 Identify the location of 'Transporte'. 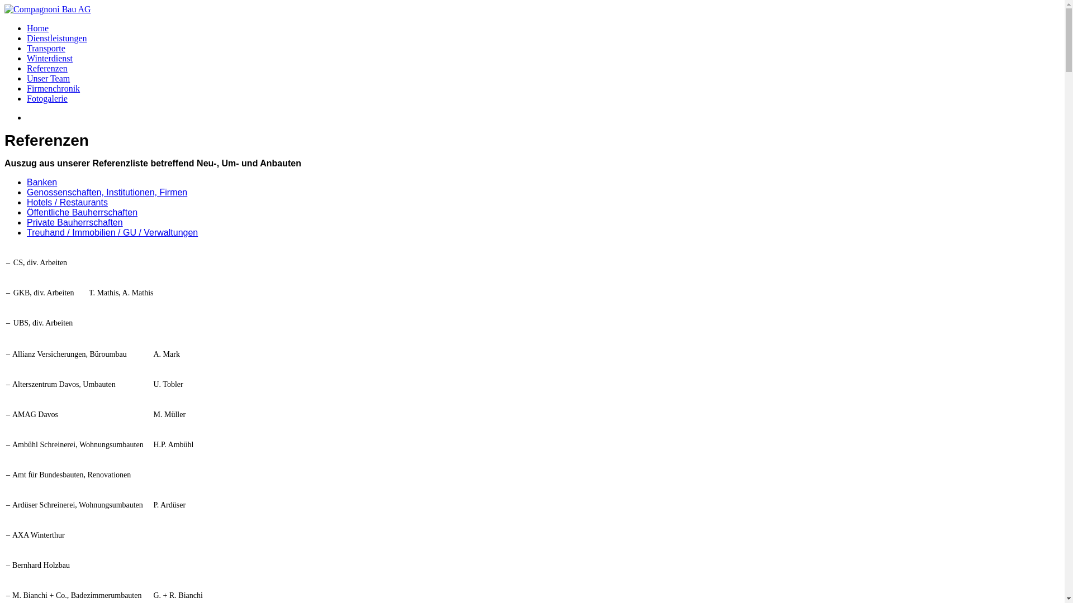
(45, 47).